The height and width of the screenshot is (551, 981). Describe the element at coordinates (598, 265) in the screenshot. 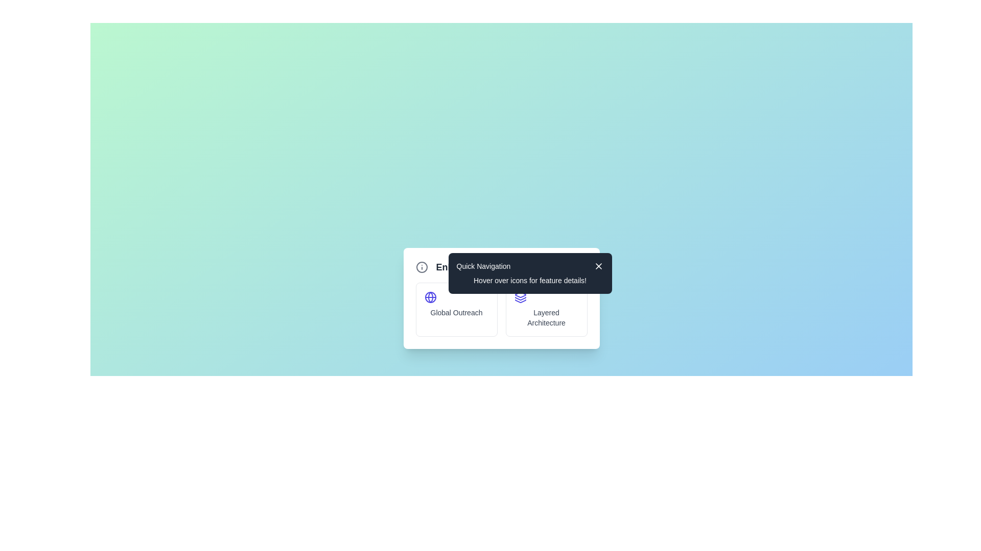

I see `the graphical diagonal line element within the close button located in the upper-right corner of the 'Quick Navigation' tooltip box` at that location.